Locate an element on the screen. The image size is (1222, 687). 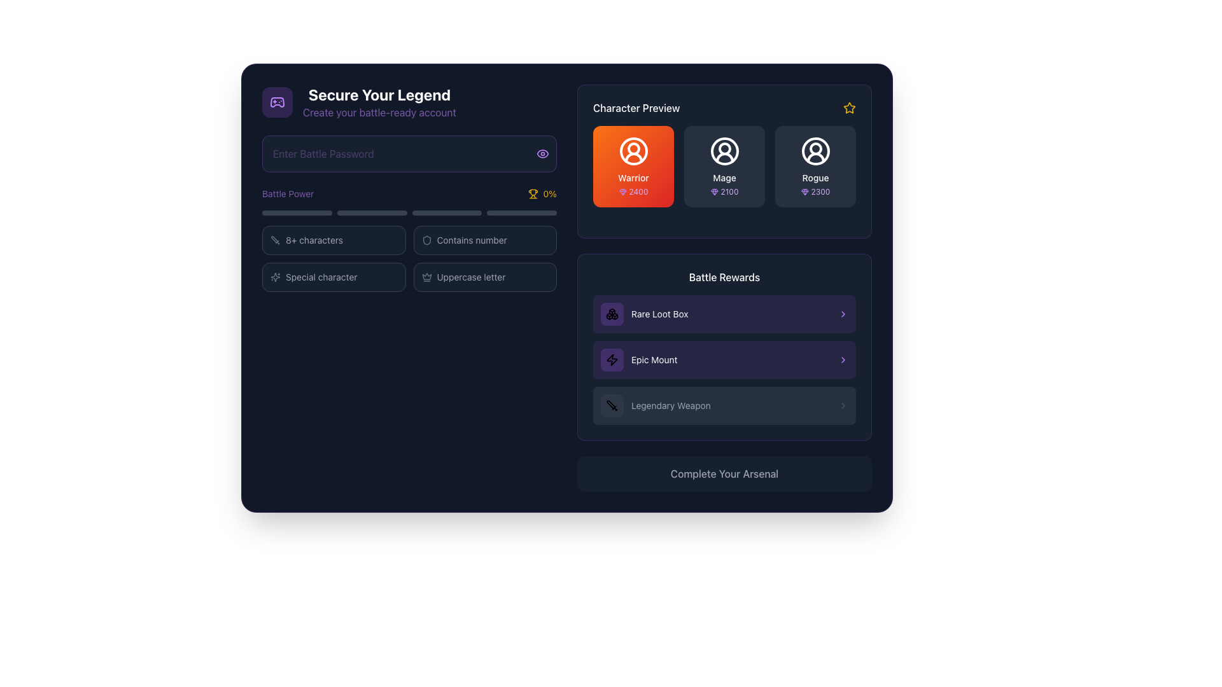
the Label displaying the power level for the 'Warrior' character option in the 'Character Preview' section is located at coordinates (633, 191).